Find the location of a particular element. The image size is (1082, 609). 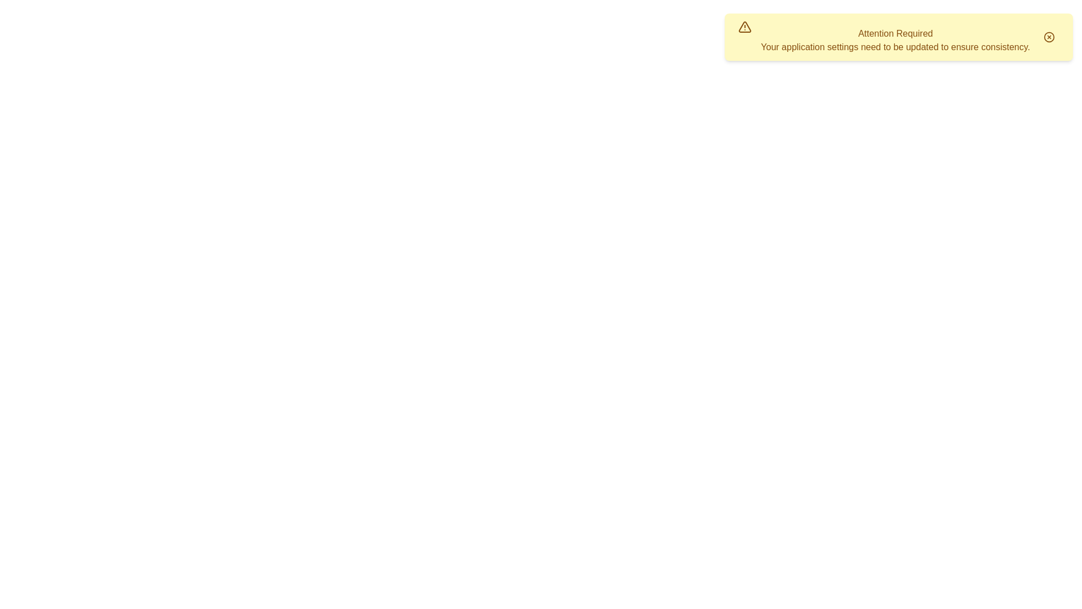

the triangular warning icon located in the top-right corner of the yellow notification banner, which indicates that application settings need to be updated is located at coordinates (745, 26).